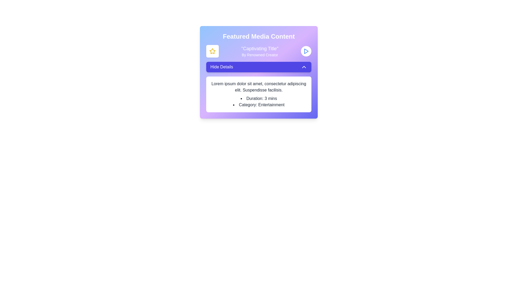 The height and width of the screenshot is (284, 505). Describe the element at coordinates (259, 51) in the screenshot. I see `the Textual Label that displays the title and creator of the featured content, positioned centrally below the 'Featured Media Content' header` at that location.